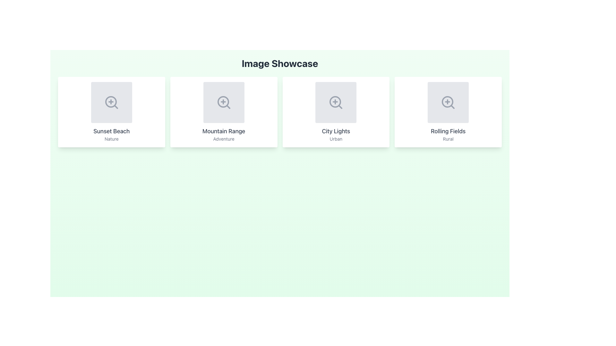 The width and height of the screenshot is (616, 346). I want to click on the magnifying glass icon with a plus sign inside, located within the 'Sunset Beach' card under the 'Image Showcase' header, so click(111, 102).